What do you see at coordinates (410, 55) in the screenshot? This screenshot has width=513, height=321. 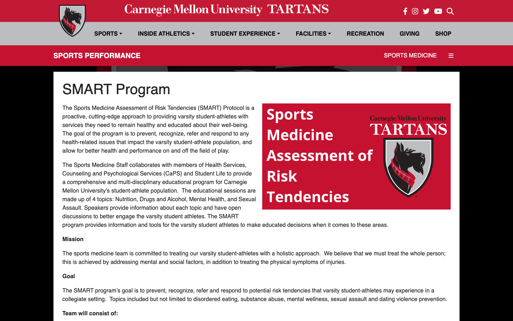 I see `"Sports Medicine" module` at bounding box center [410, 55].